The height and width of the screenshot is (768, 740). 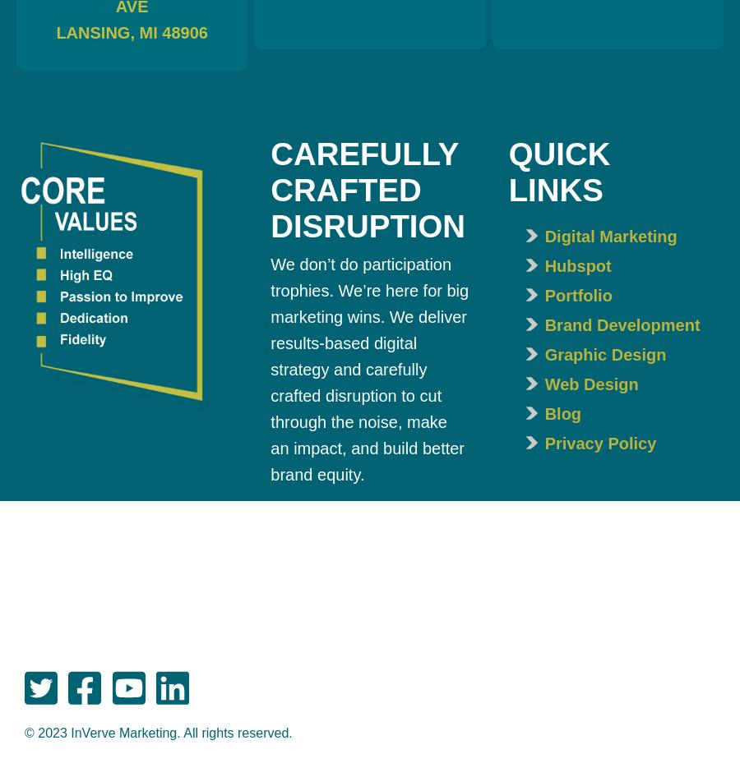 I want to click on 'Privacy Policy', so click(x=599, y=442).